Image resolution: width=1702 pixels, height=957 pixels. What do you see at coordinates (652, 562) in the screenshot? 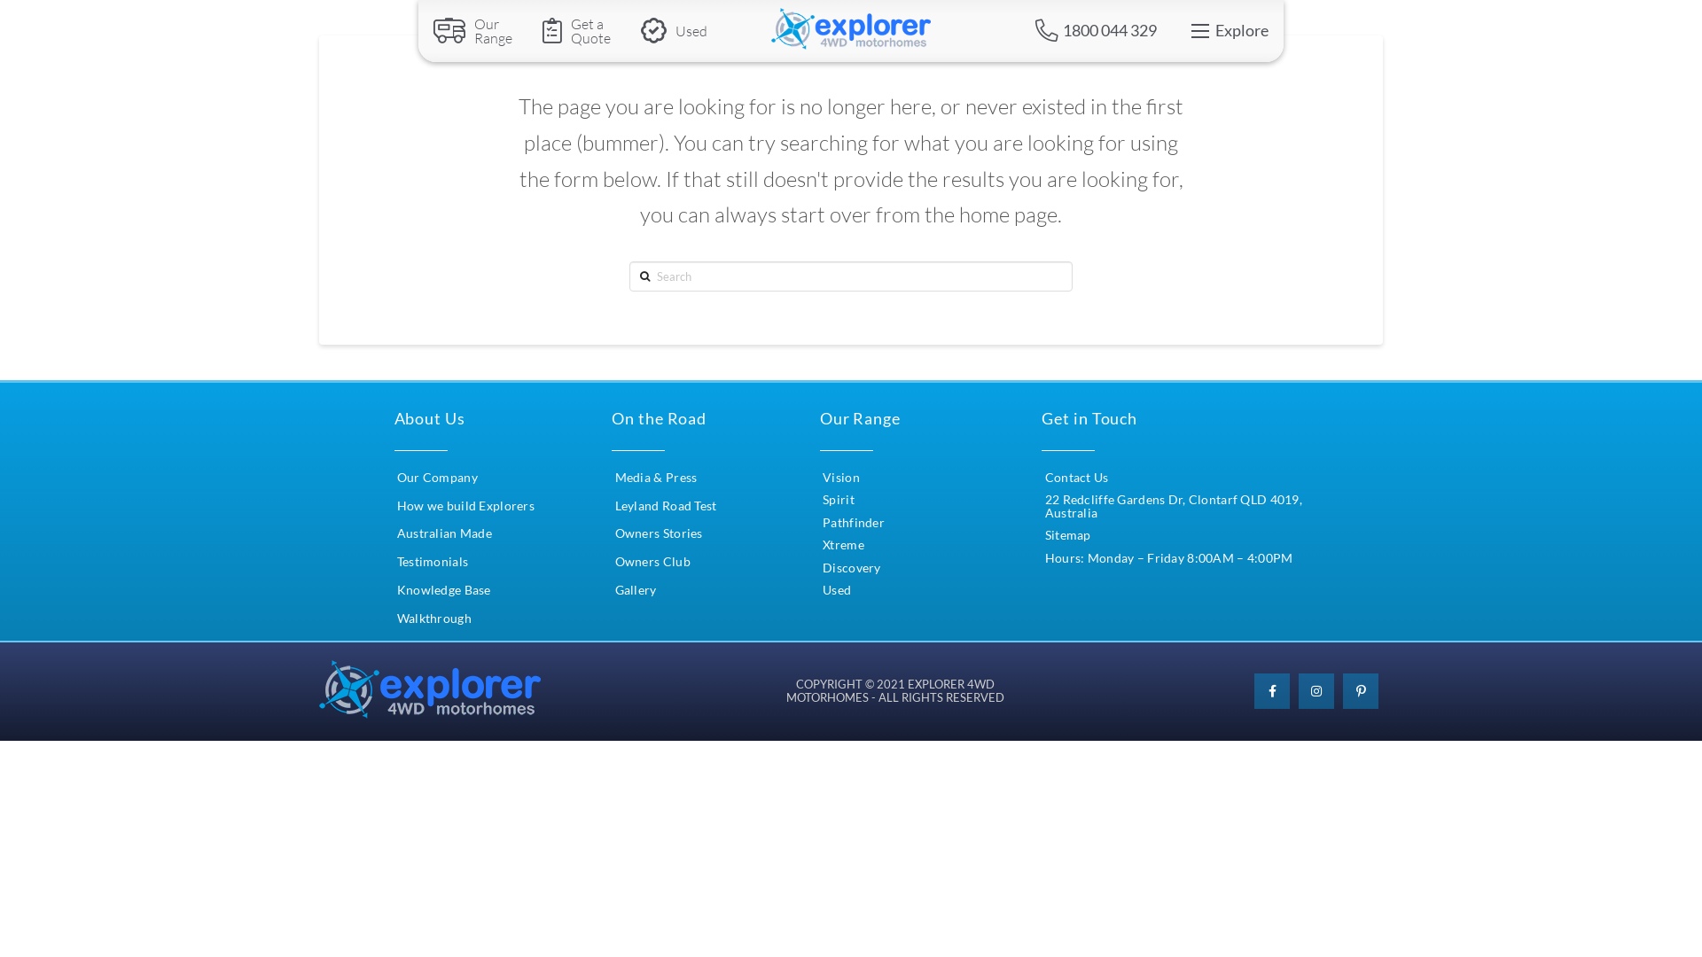
I see `'Owners Club'` at bounding box center [652, 562].